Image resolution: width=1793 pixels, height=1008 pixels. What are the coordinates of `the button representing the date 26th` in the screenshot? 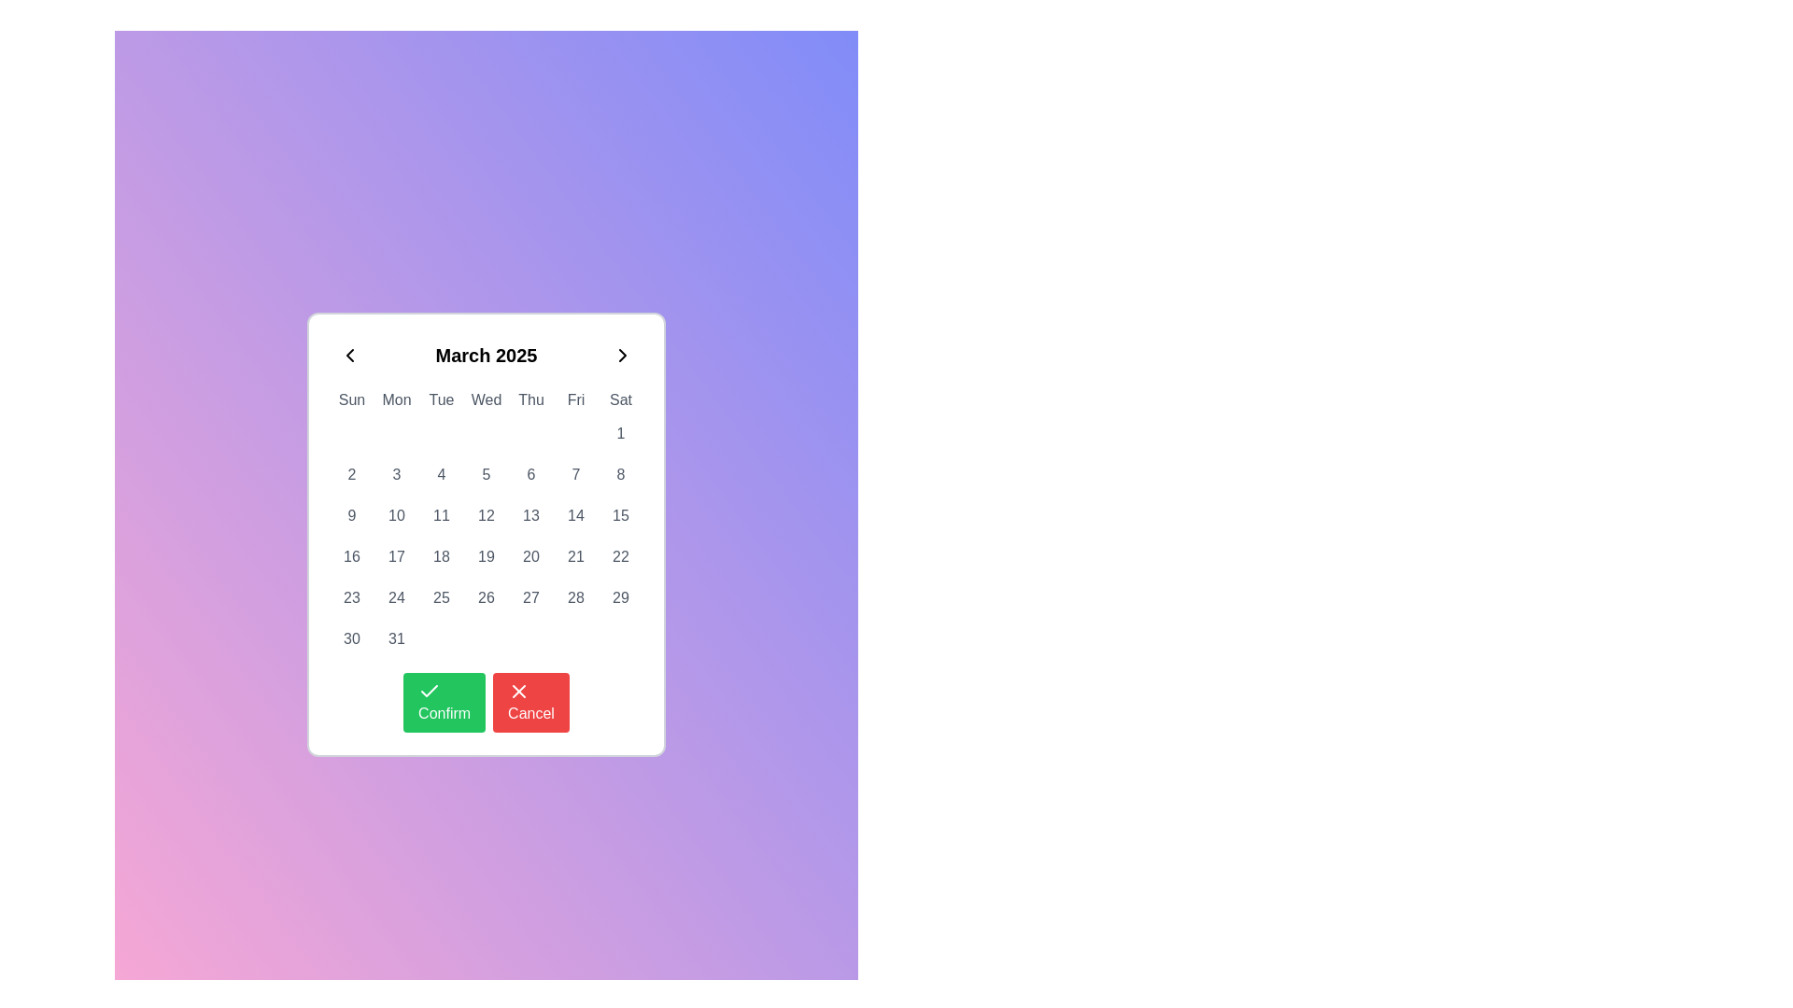 It's located at (487, 597).